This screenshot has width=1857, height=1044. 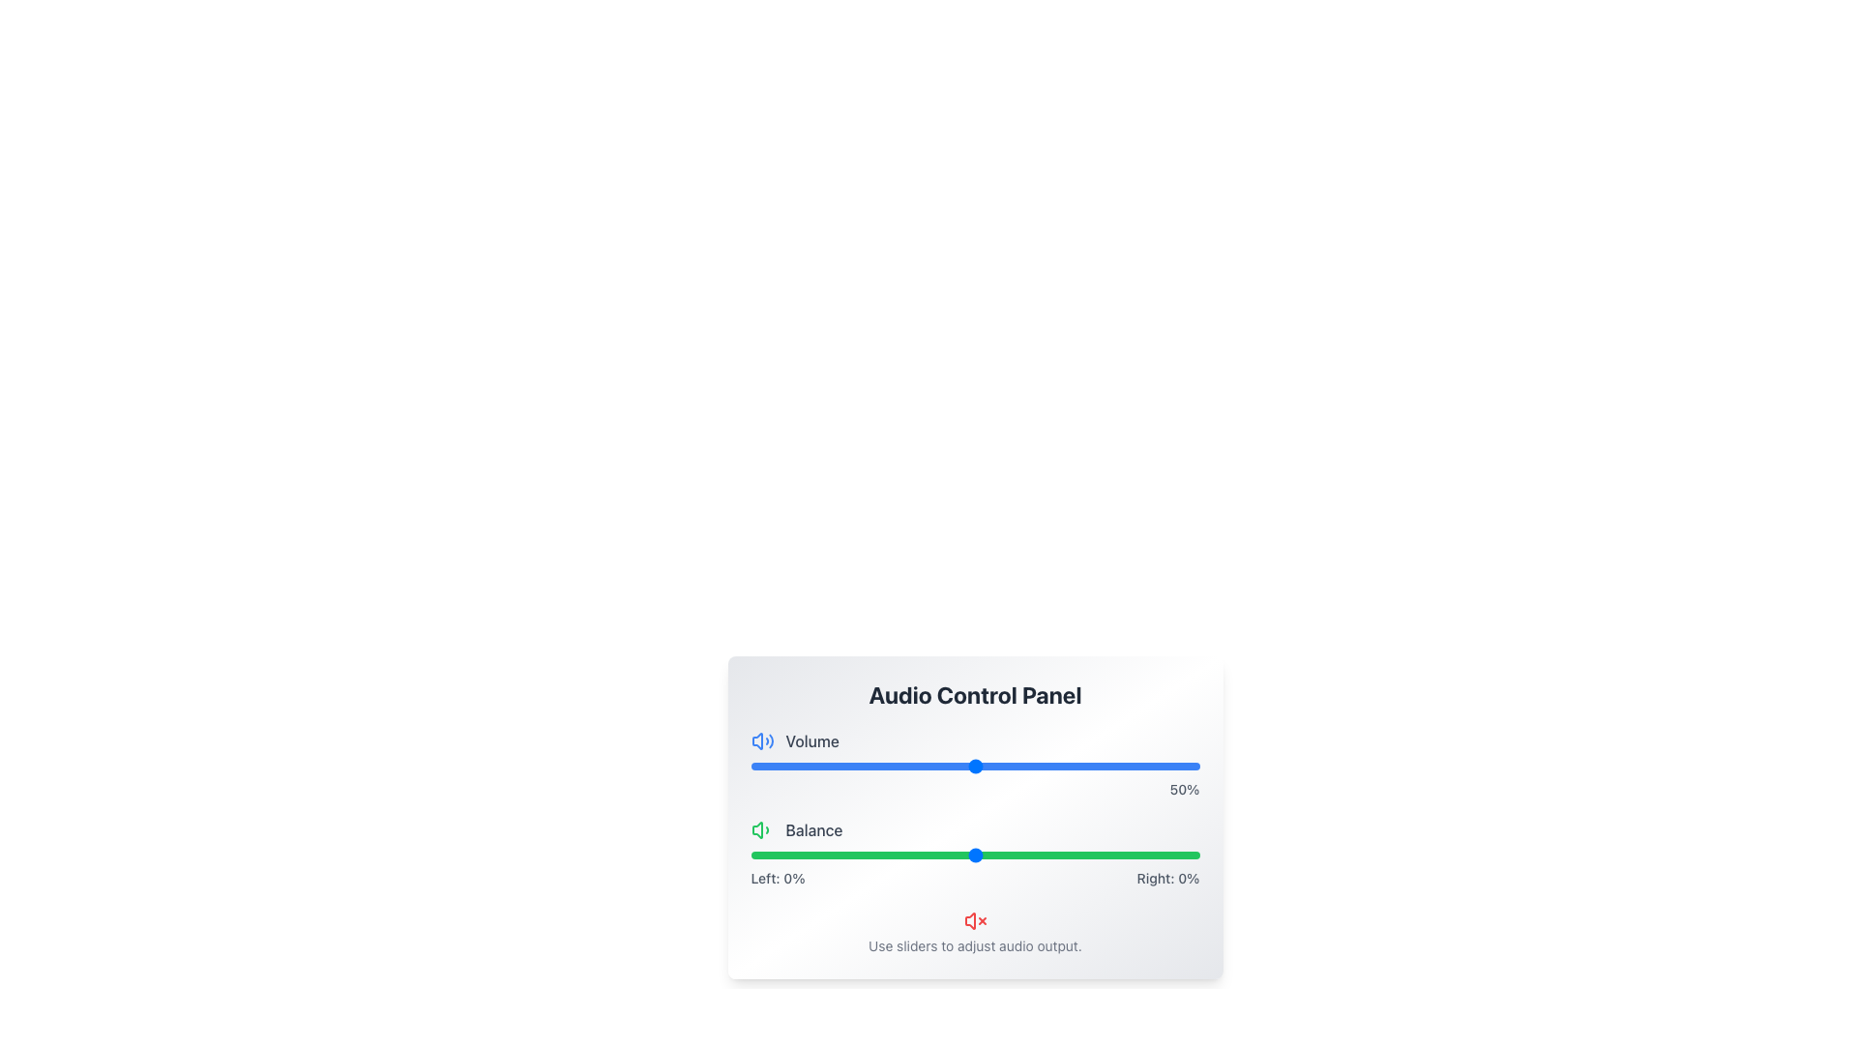 I want to click on the slider value, so click(x=894, y=766).